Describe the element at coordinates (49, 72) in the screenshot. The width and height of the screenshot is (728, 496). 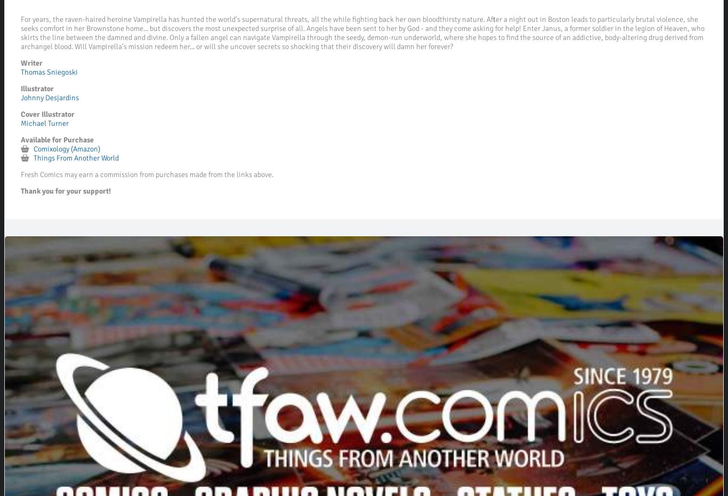
I see `'Thomas Sniegoski'` at that location.